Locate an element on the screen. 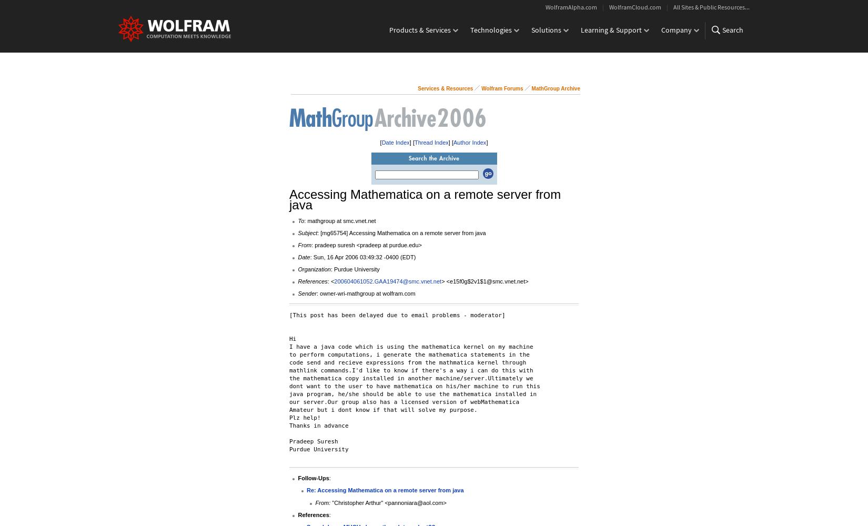 This screenshot has height=526, width=868. ': owner-wri-mathgroup at wolfram.com' is located at coordinates (365, 294).